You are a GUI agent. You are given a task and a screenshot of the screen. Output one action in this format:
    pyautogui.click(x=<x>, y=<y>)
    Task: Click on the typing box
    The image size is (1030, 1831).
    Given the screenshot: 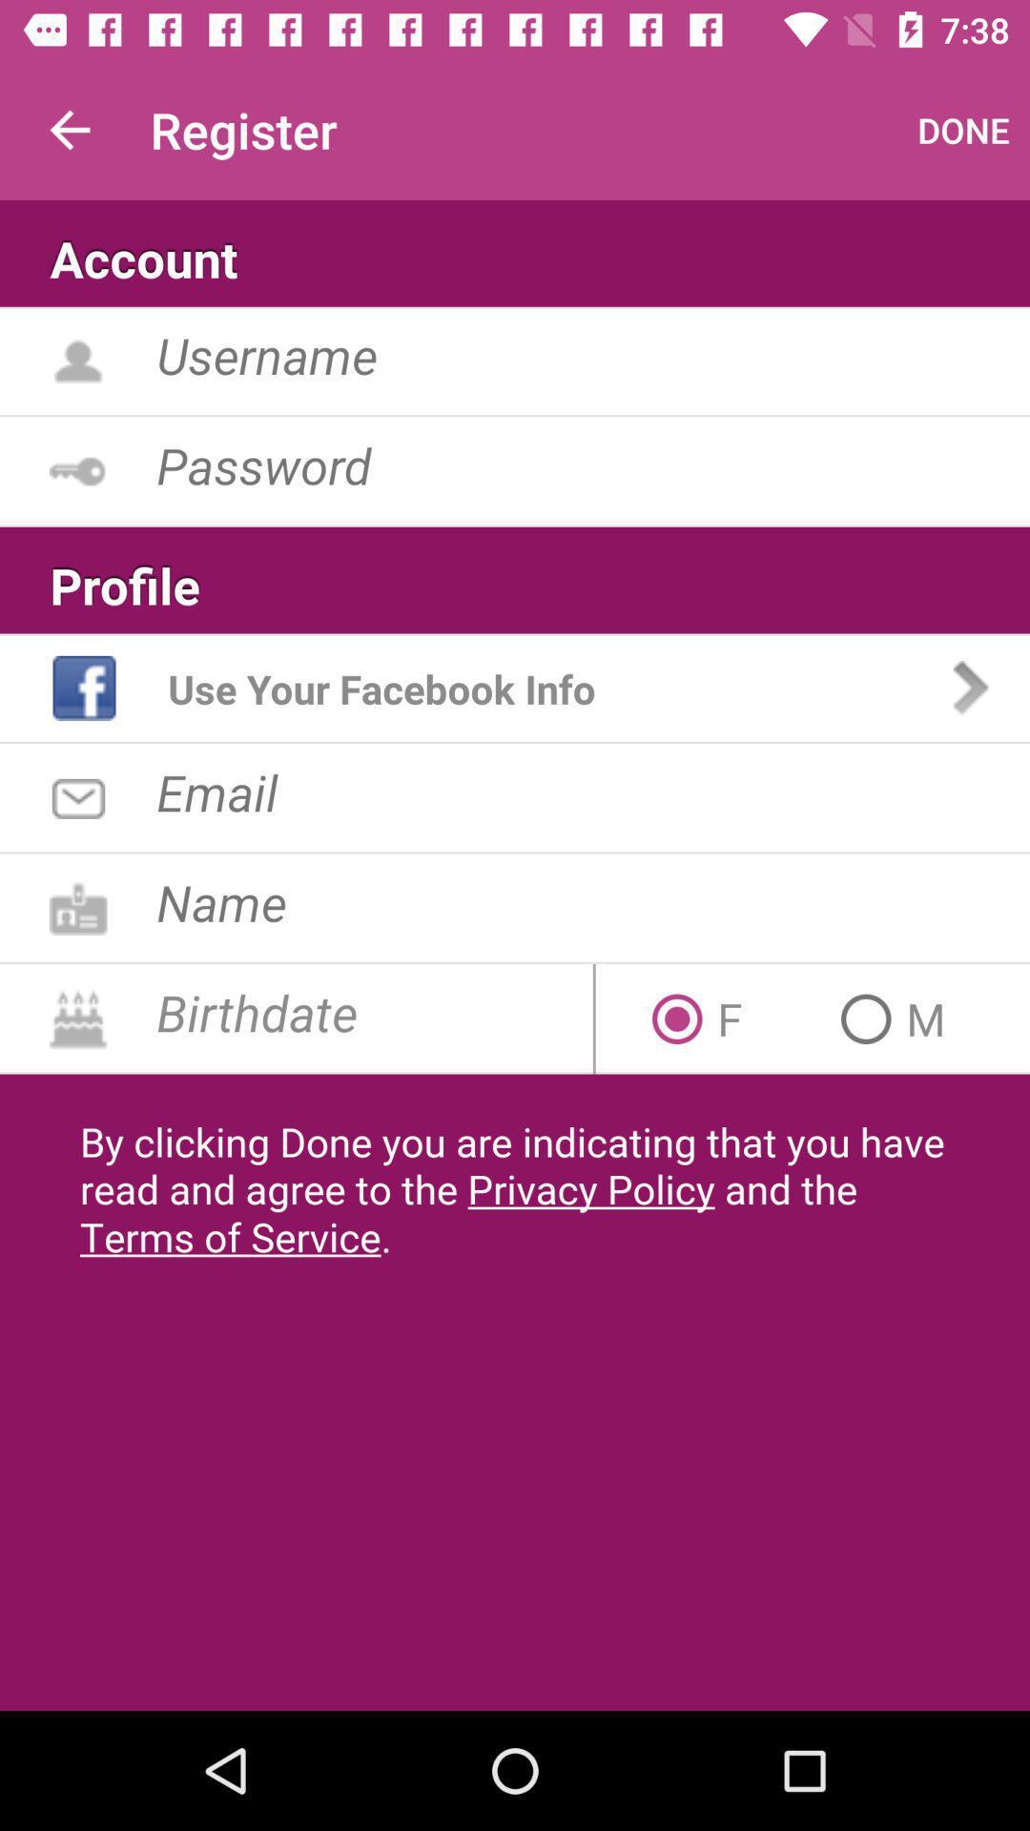 What is the action you would take?
    pyautogui.click(x=592, y=355)
    